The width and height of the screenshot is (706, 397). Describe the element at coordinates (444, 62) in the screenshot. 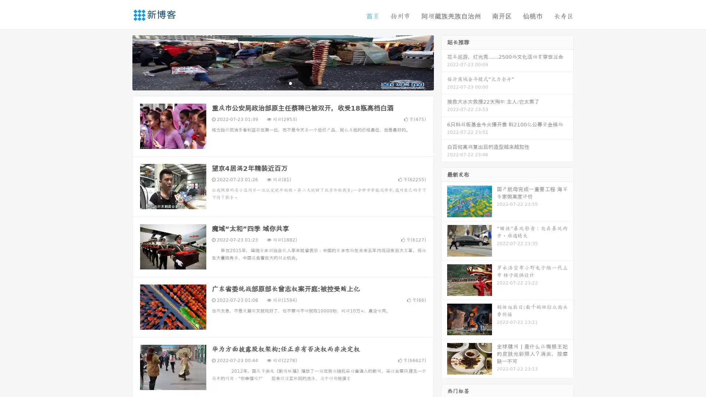

I see `Next slide` at that location.